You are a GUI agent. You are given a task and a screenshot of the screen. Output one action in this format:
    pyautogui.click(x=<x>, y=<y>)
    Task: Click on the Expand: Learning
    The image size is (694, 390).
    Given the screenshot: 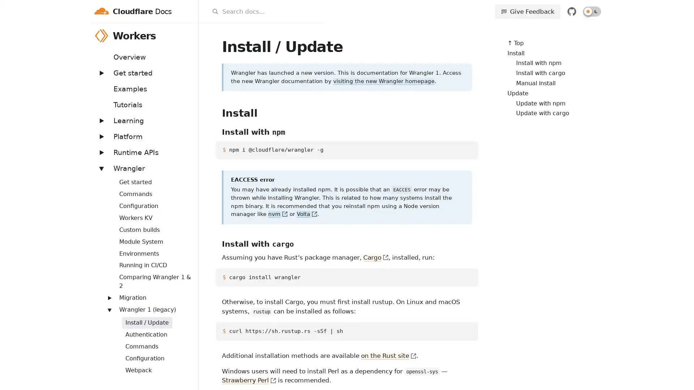 What is the action you would take?
    pyautogui.click(x=100, y=120)
    